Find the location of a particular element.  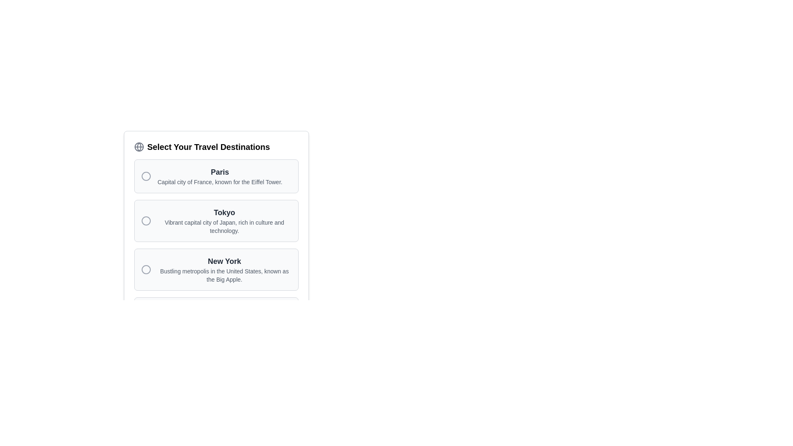

the text displayed in the bold text label that reads 'Paris', which is prominently positioned near the top of the first list item in the travel destinations list is located at coordinates (220, 171).